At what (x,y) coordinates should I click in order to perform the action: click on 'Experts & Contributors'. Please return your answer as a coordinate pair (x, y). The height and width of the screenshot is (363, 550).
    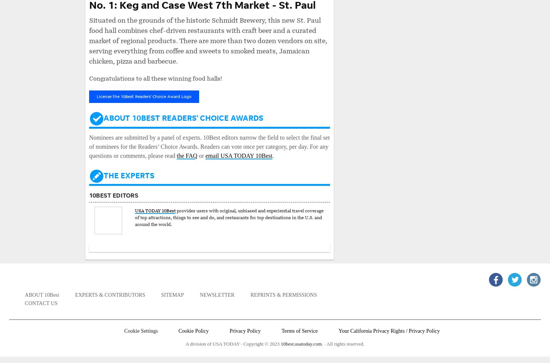
    Looking at the image, I should click on (74, 294).